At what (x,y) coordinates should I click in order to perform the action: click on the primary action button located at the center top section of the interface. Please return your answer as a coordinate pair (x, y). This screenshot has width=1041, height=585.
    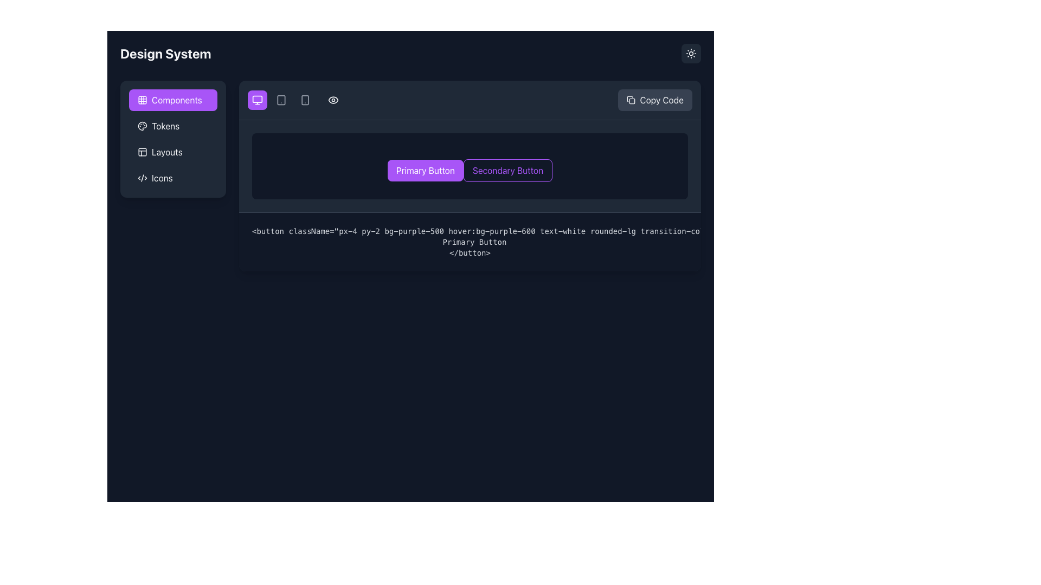
    Looking at the image, I should click on (425, 171).